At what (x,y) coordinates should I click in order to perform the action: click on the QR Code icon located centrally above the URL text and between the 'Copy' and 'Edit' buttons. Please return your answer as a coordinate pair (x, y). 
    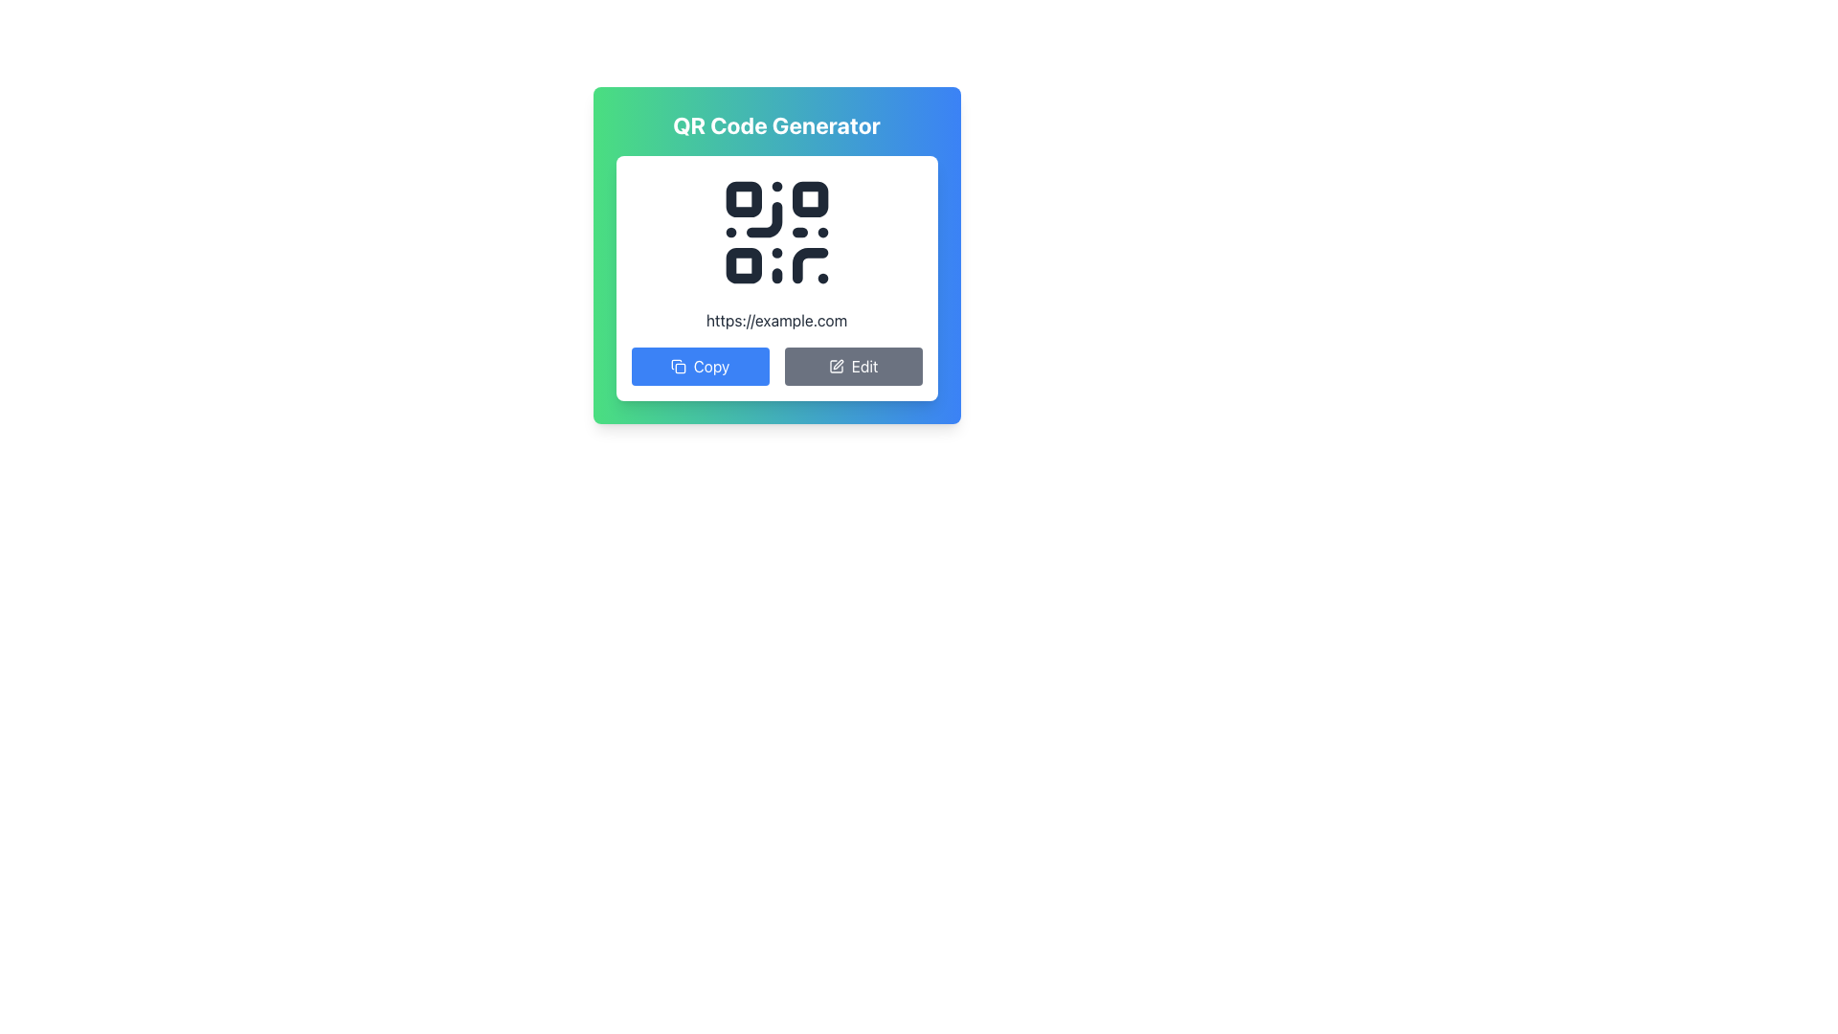
    Looking at the image, I should click on (776, 232).